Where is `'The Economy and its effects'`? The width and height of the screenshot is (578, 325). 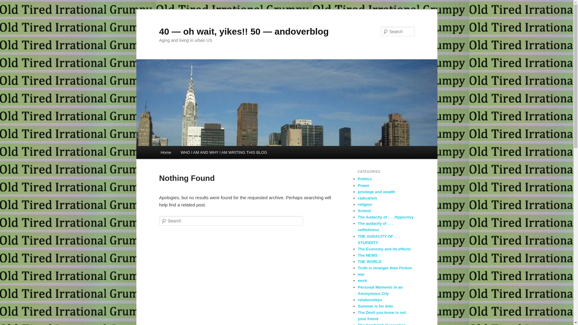
'The Economy and its effects' is located at coordinates (384, 249).